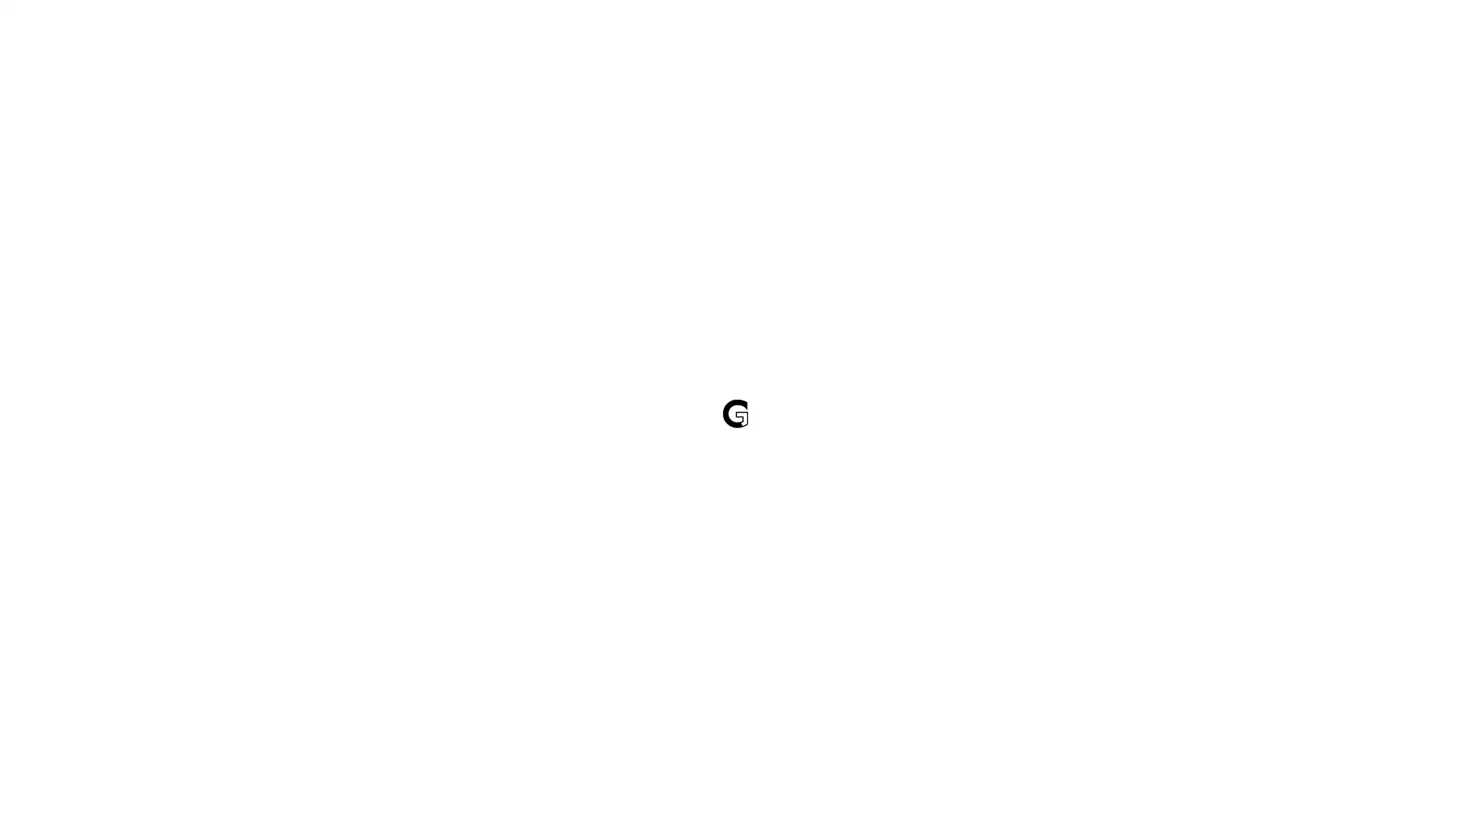 The width and height of the screenshot is (1471, 827). I want to click on Menu, so click(1385, 43).